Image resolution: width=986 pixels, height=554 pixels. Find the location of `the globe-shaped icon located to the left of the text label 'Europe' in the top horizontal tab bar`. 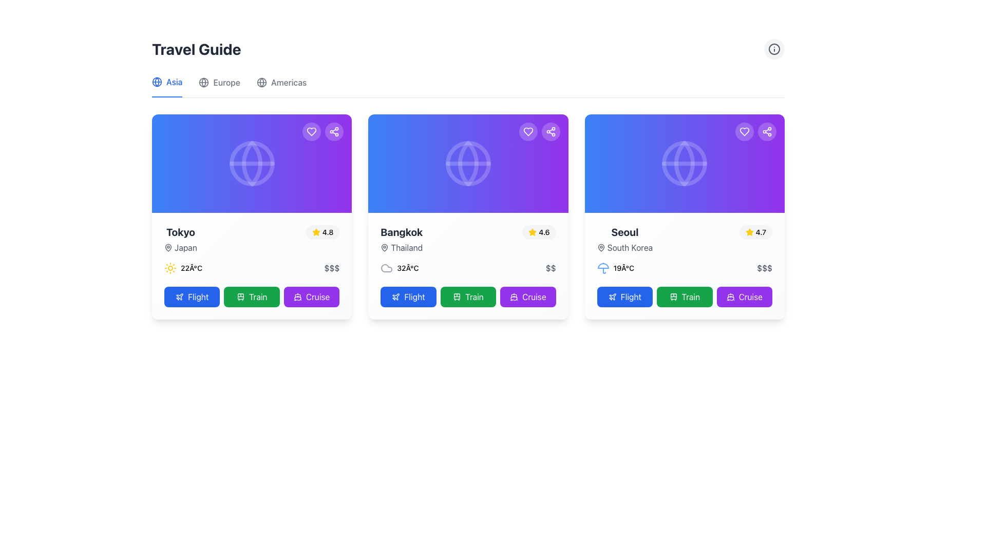

the globe-shaped icon located to the left of the text label 'Europe' in the top horizontal tab bar is located at coordinates (204, 82).